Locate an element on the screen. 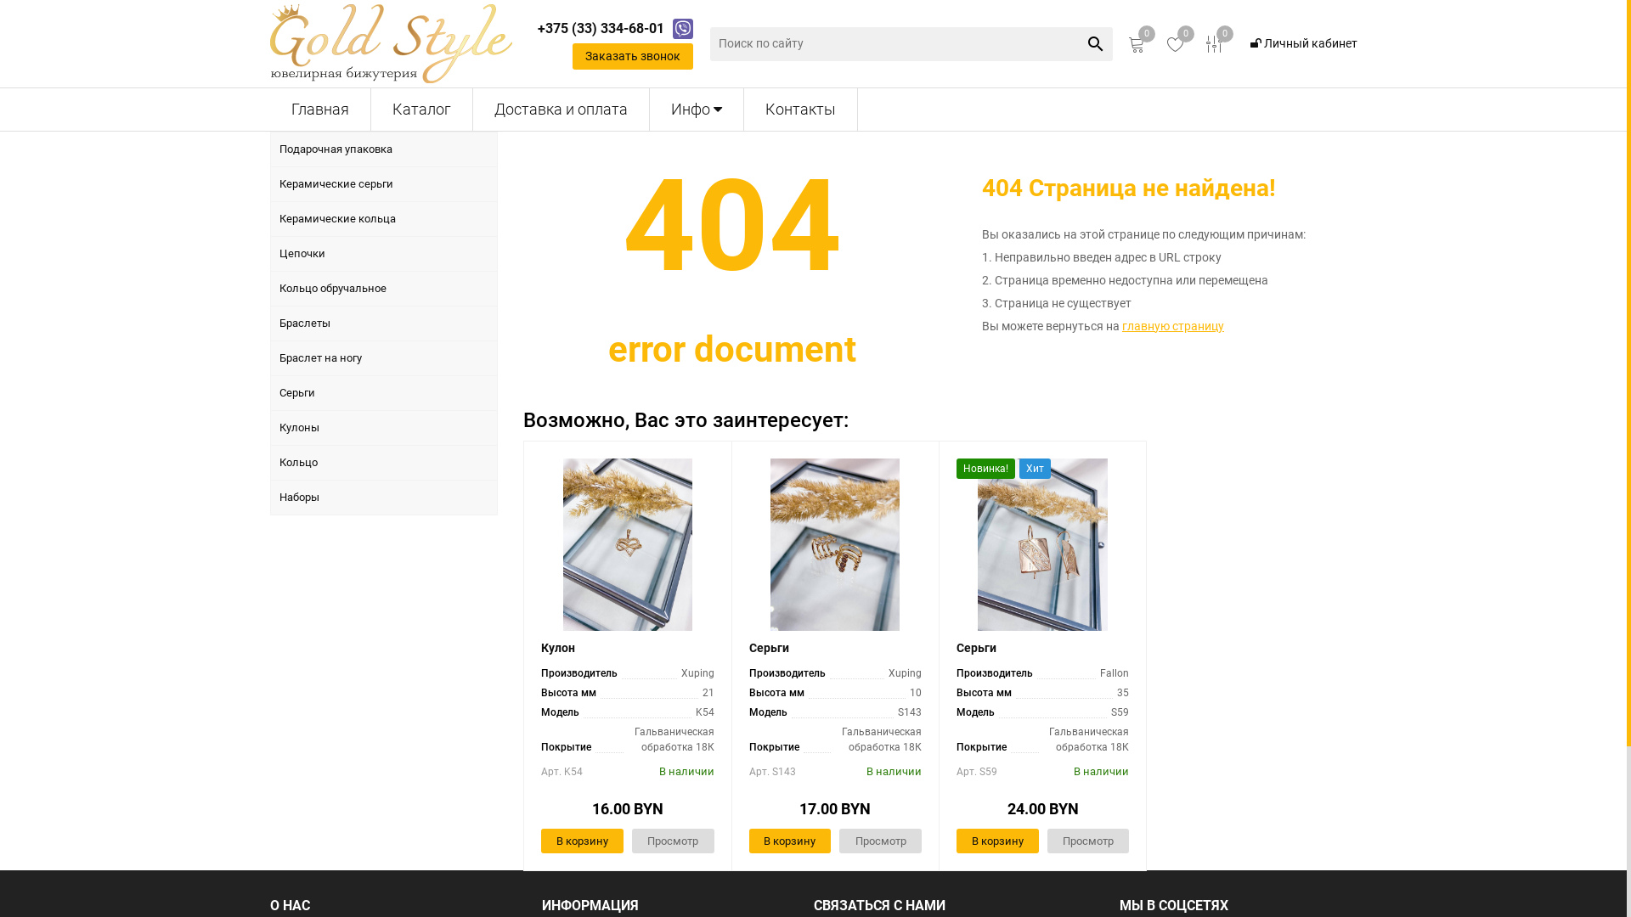 The height and width of the screenshot is (917, 1631). 'search' is located at coordinates (1096, 42).